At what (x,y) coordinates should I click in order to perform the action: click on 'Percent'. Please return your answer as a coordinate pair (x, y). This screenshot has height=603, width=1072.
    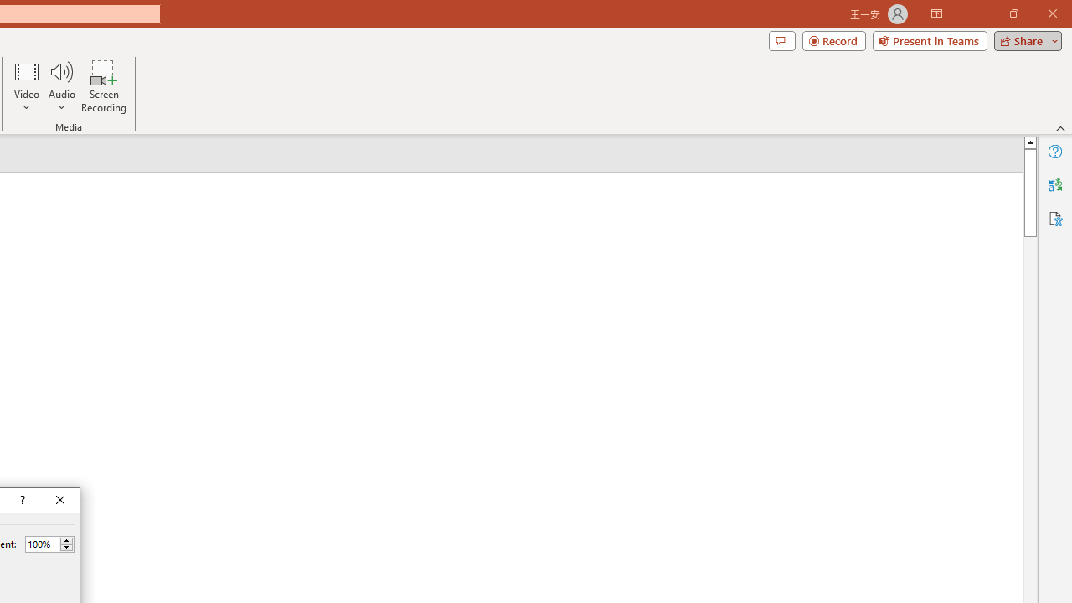
    Looking at the image, I should click on (49, 544).